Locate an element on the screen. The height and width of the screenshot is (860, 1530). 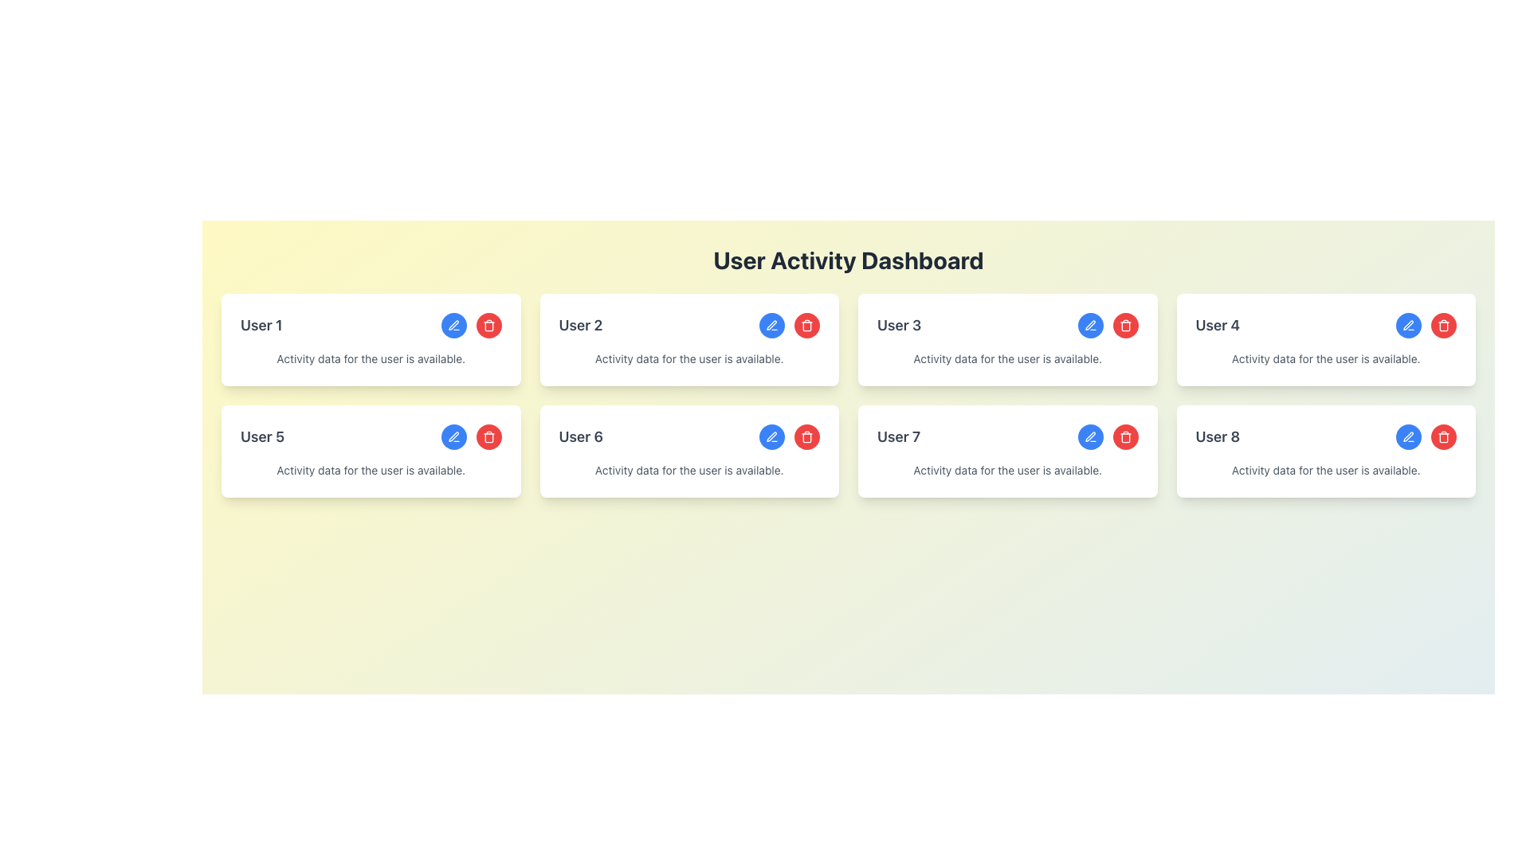
the text label displaying 'Activity data for the user is available.' which is located below the 'User 2' heading in the second card of the User Activity Dashboard is located at coordinates (689, 359).